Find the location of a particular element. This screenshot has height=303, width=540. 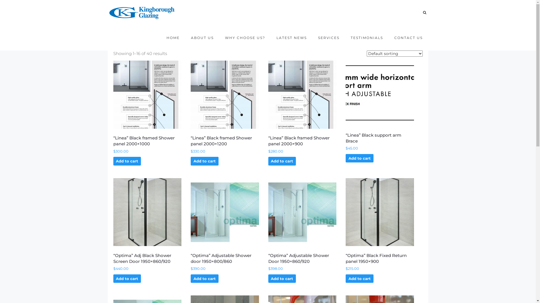

'HOME' is located at coordinates (172, 38).